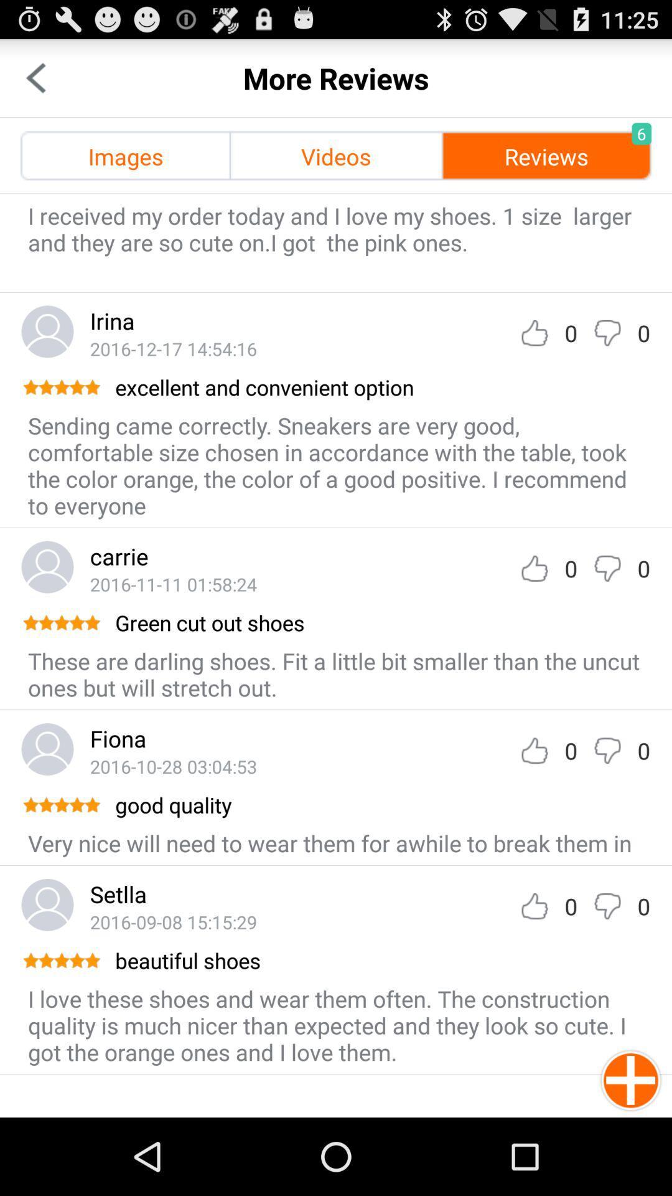 Image resolution: width=672 pixels, height=1196 pixels. What do you see at coordinates (118, 738) in the screenshot?
I see `the fiona icon` at bounding box center [118, 738].